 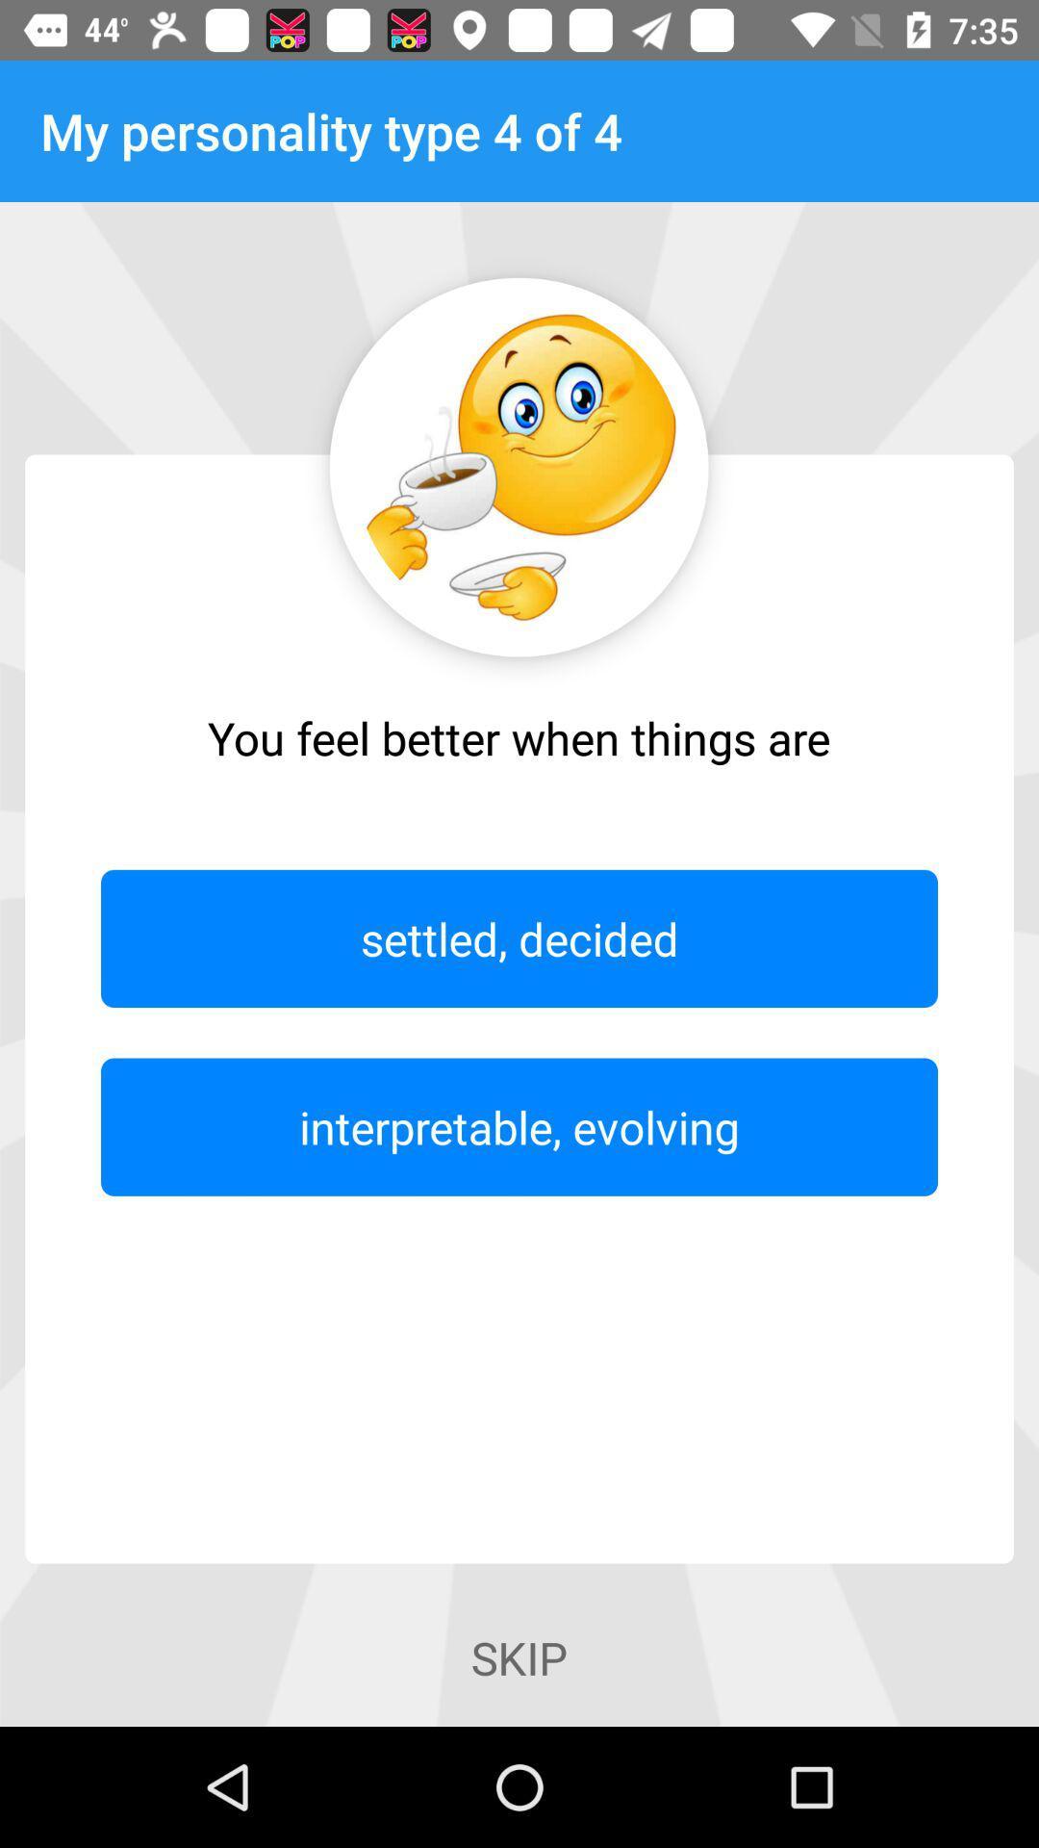 I want to click on the settled, decided, so click(x=519, y=938).